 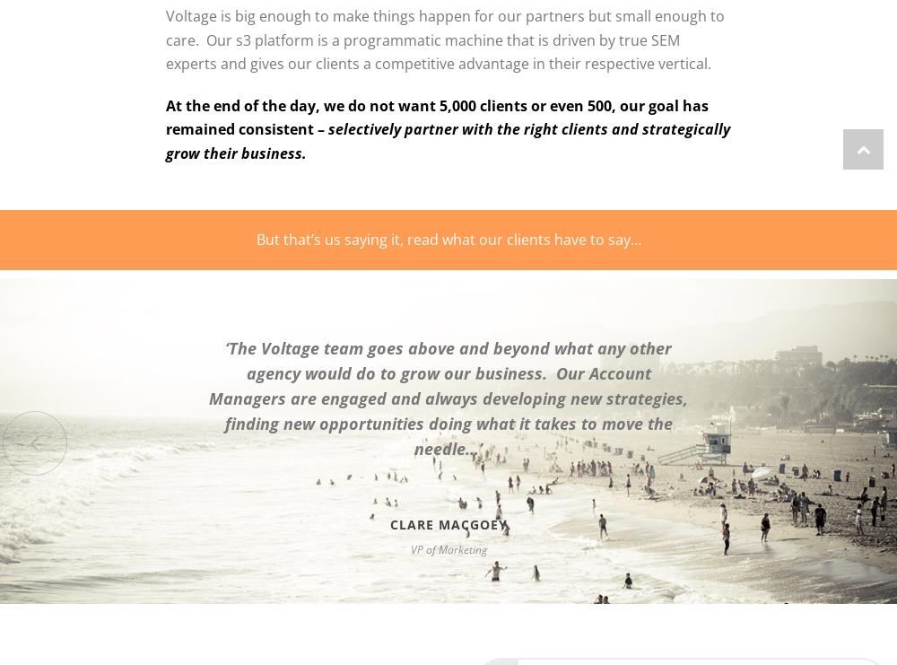 I want to click on 'selectively partner with the right clients and strategically grow their business.', so click(x=166, y=141).